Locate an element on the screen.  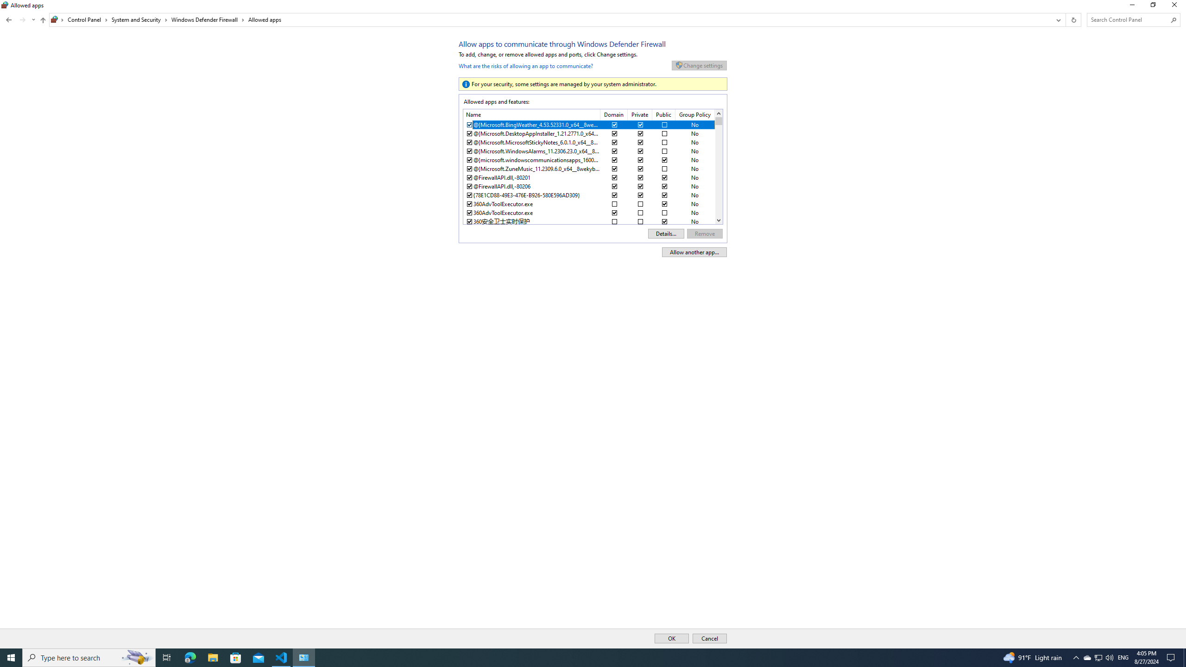
'Notification Chevron' is located at coordinates (1076, 657).